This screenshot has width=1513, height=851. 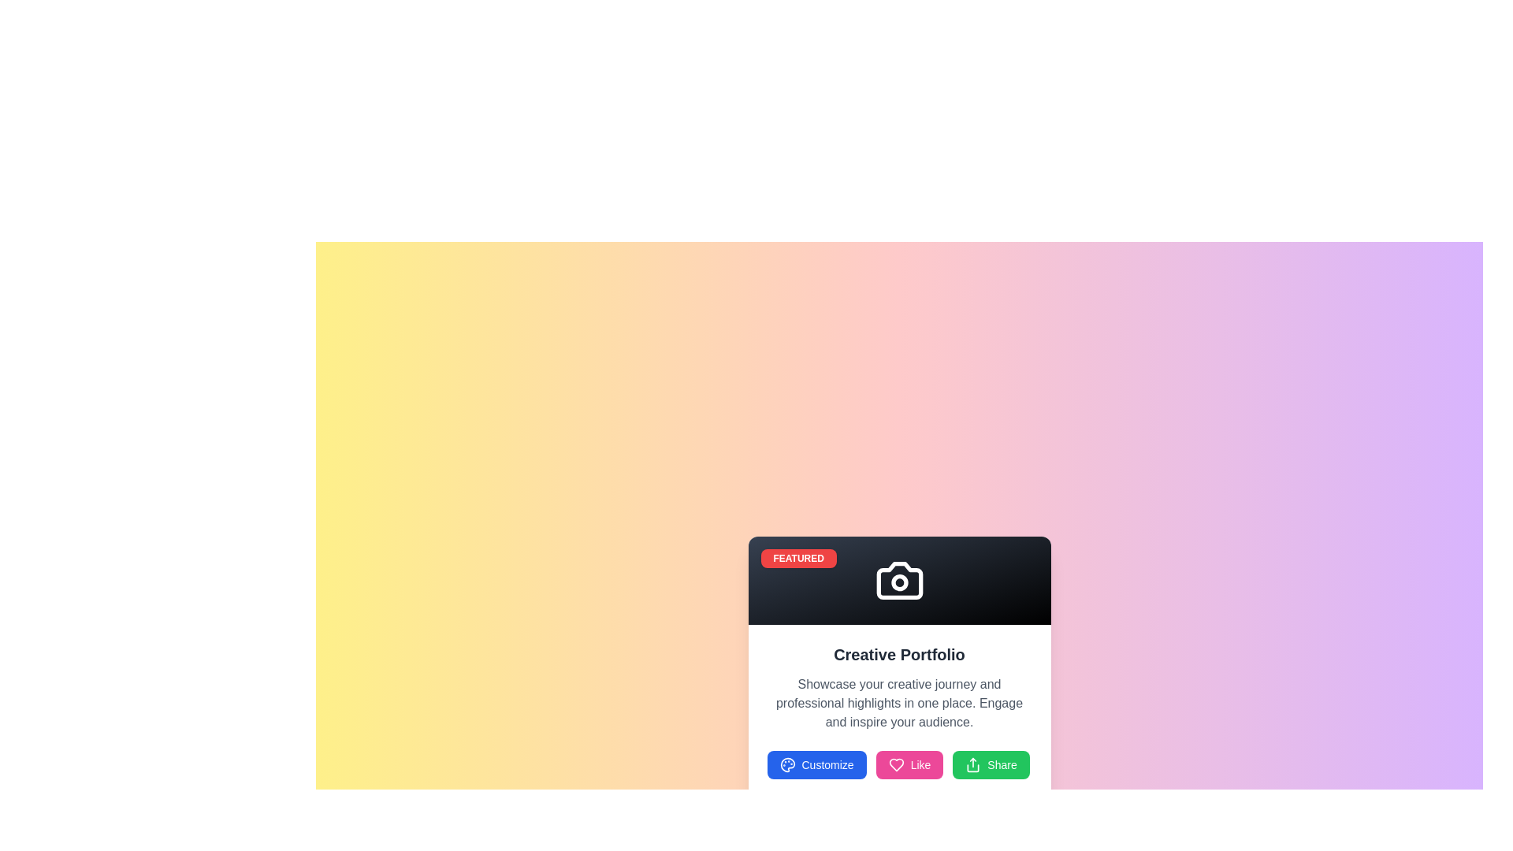 I want to click on the heart-shaped icon within the 'Like' button, so click(x=896, y=764).